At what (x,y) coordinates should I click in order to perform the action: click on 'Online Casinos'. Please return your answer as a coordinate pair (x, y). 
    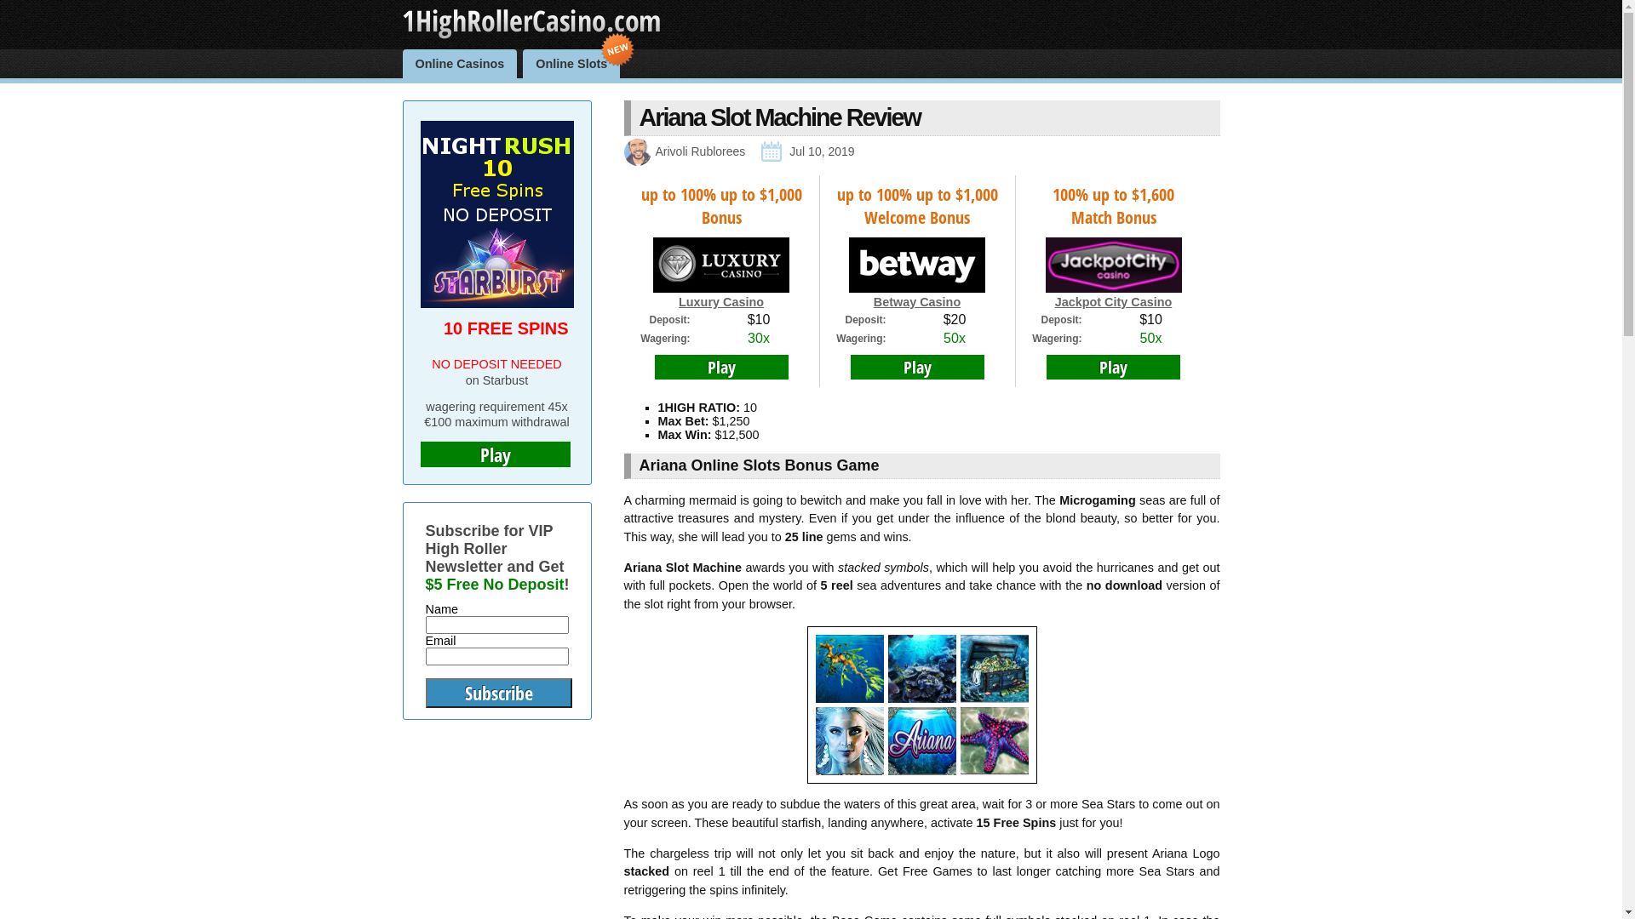
    Looking at the image, I should click on (460, 62).